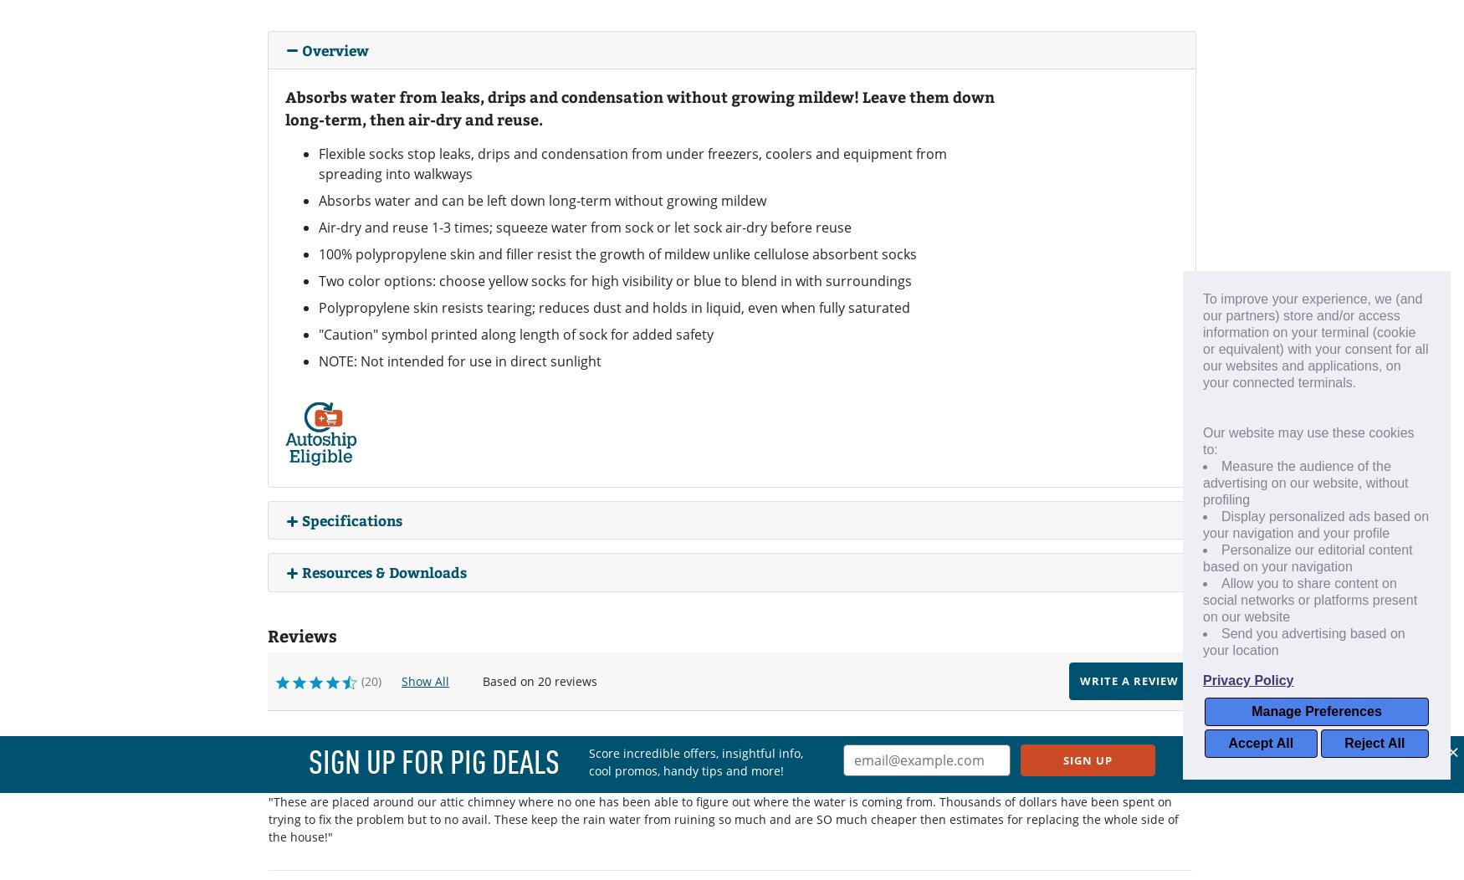 Image resolution: width=1464 pixels, height=880 pixels. Describe the element at coordinates (407, 744) in the screenshot. I see `'Carolyn'` at that location.